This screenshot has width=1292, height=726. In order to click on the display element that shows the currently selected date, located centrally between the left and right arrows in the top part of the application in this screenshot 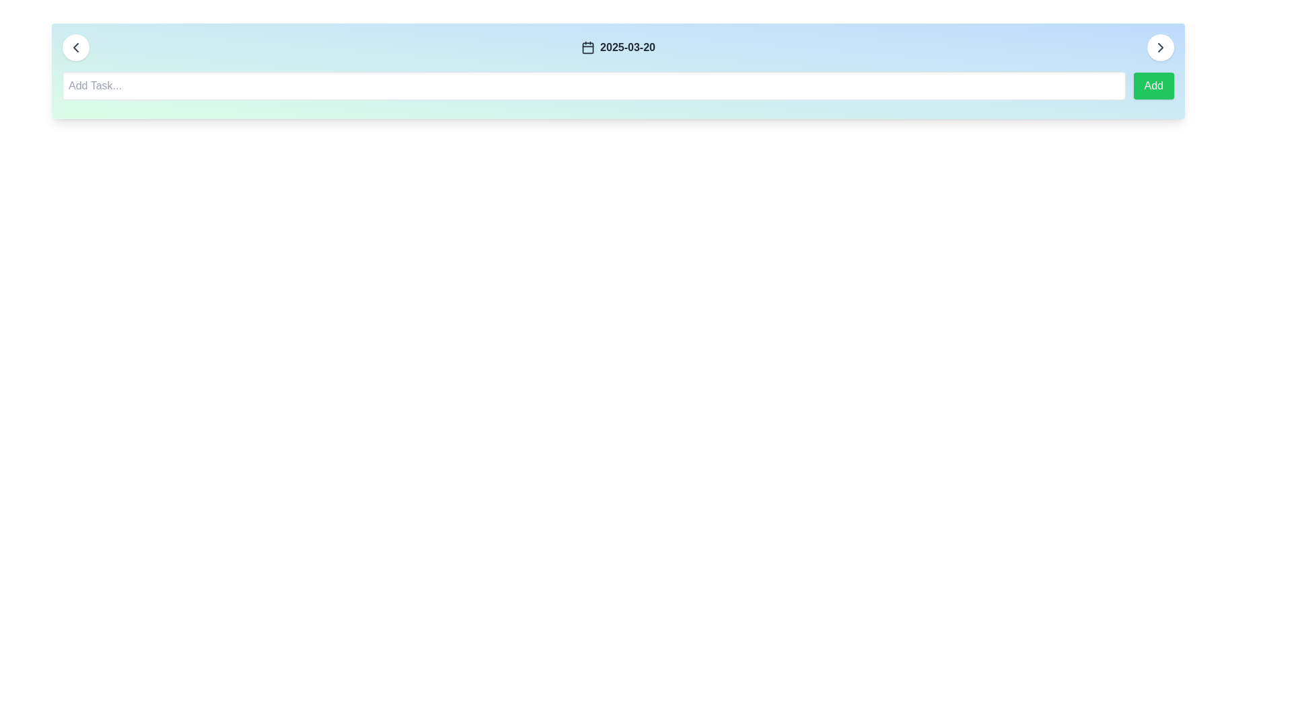, I will do `click(617, 46)`.